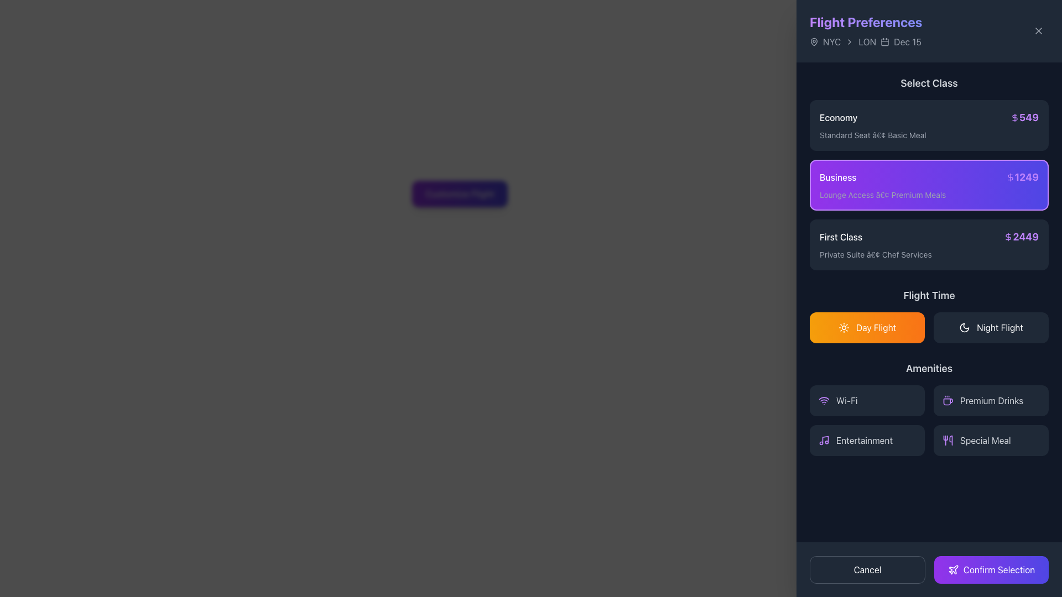 The height and width of the screenshot is (597, 1062). What do you see at coordinates (952, 569) in the screenshot?
I see `the 'Confirm Selection' button which contains an airplane icon on the lower-right corner of the interface` at bounding box center [952, 569].